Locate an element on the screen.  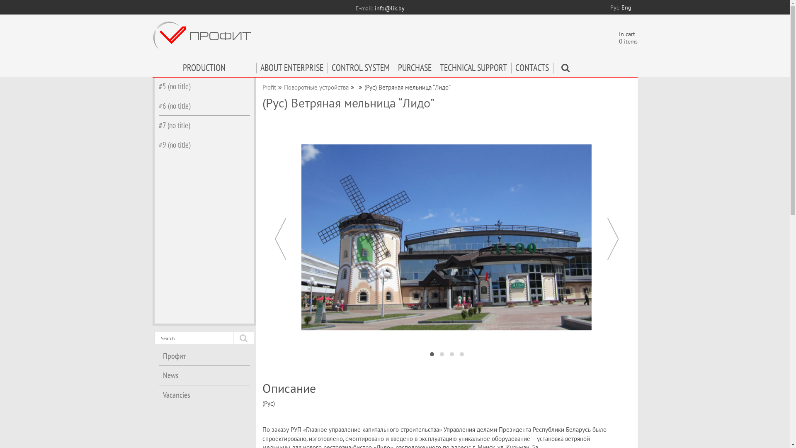
'ABOUT ENTERPRISE' is located at coordinates (256, 69).